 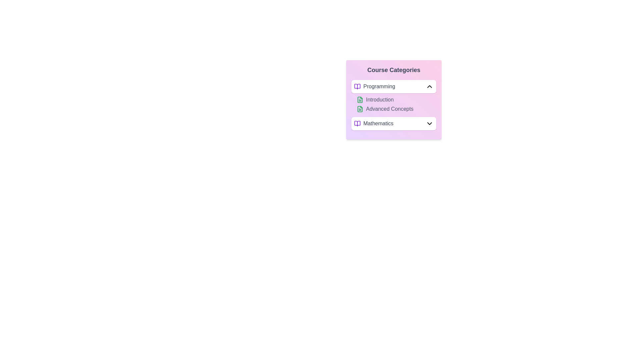 What do you see at coordinates (394, 86) in the screenshot?
I see `the text 'Programming' to select it` at bounding box center [394, 86].